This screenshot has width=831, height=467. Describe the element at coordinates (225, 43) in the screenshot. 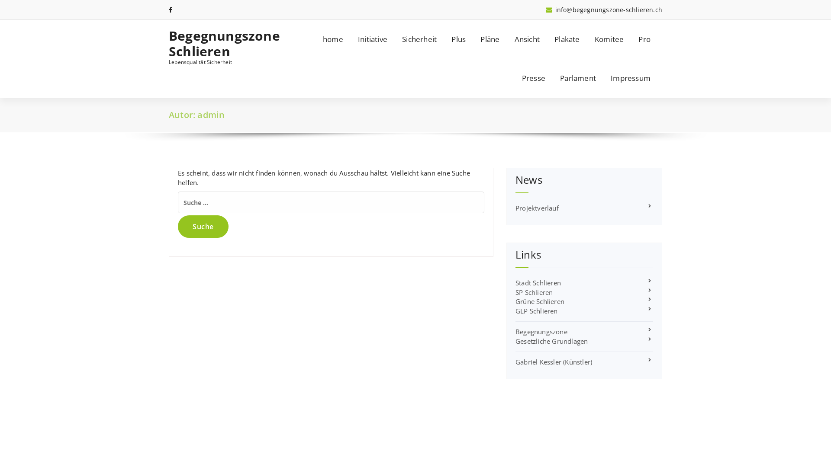

I see `'Begegnungszone Schlieren'` at that location.